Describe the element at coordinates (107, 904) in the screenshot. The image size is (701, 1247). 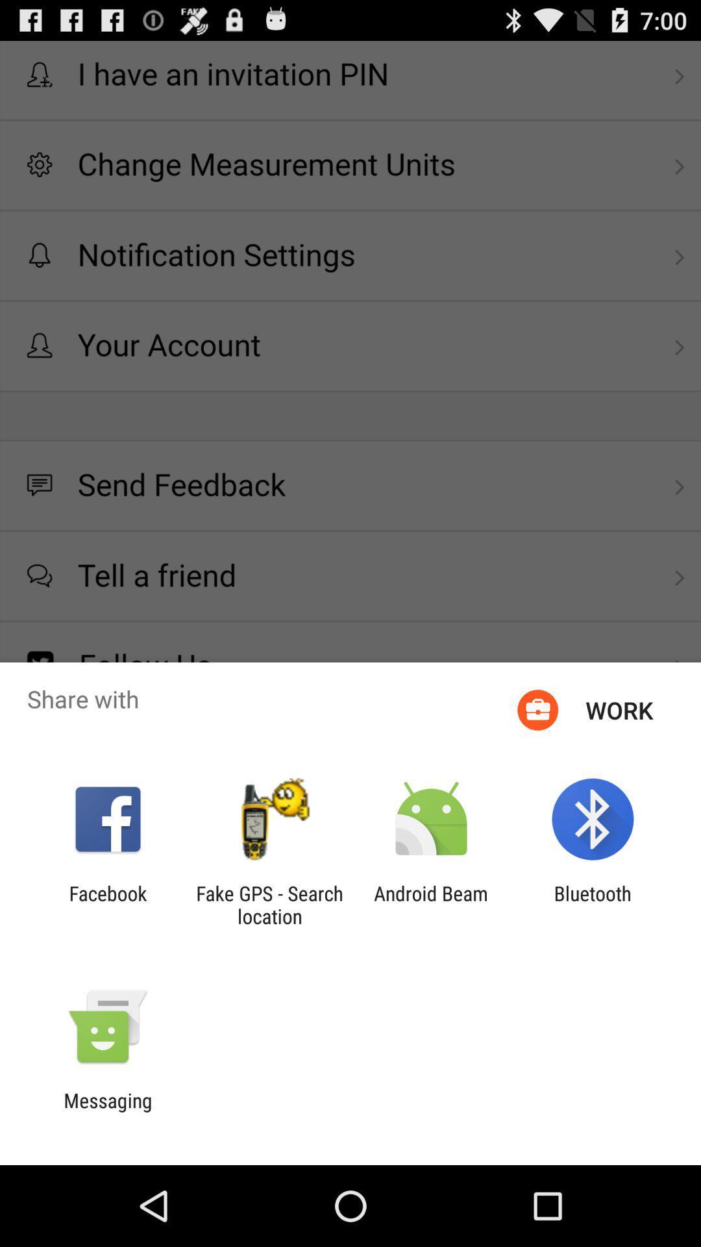
I see `item to the left of the fake gps search app` at that location.